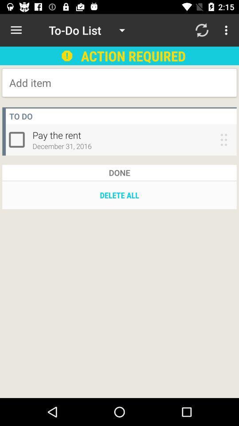 The height and width of the screenshot is (426, 239). Describe the element at coordinates (80, 83) in the screenshot. I see `another item` at that location.